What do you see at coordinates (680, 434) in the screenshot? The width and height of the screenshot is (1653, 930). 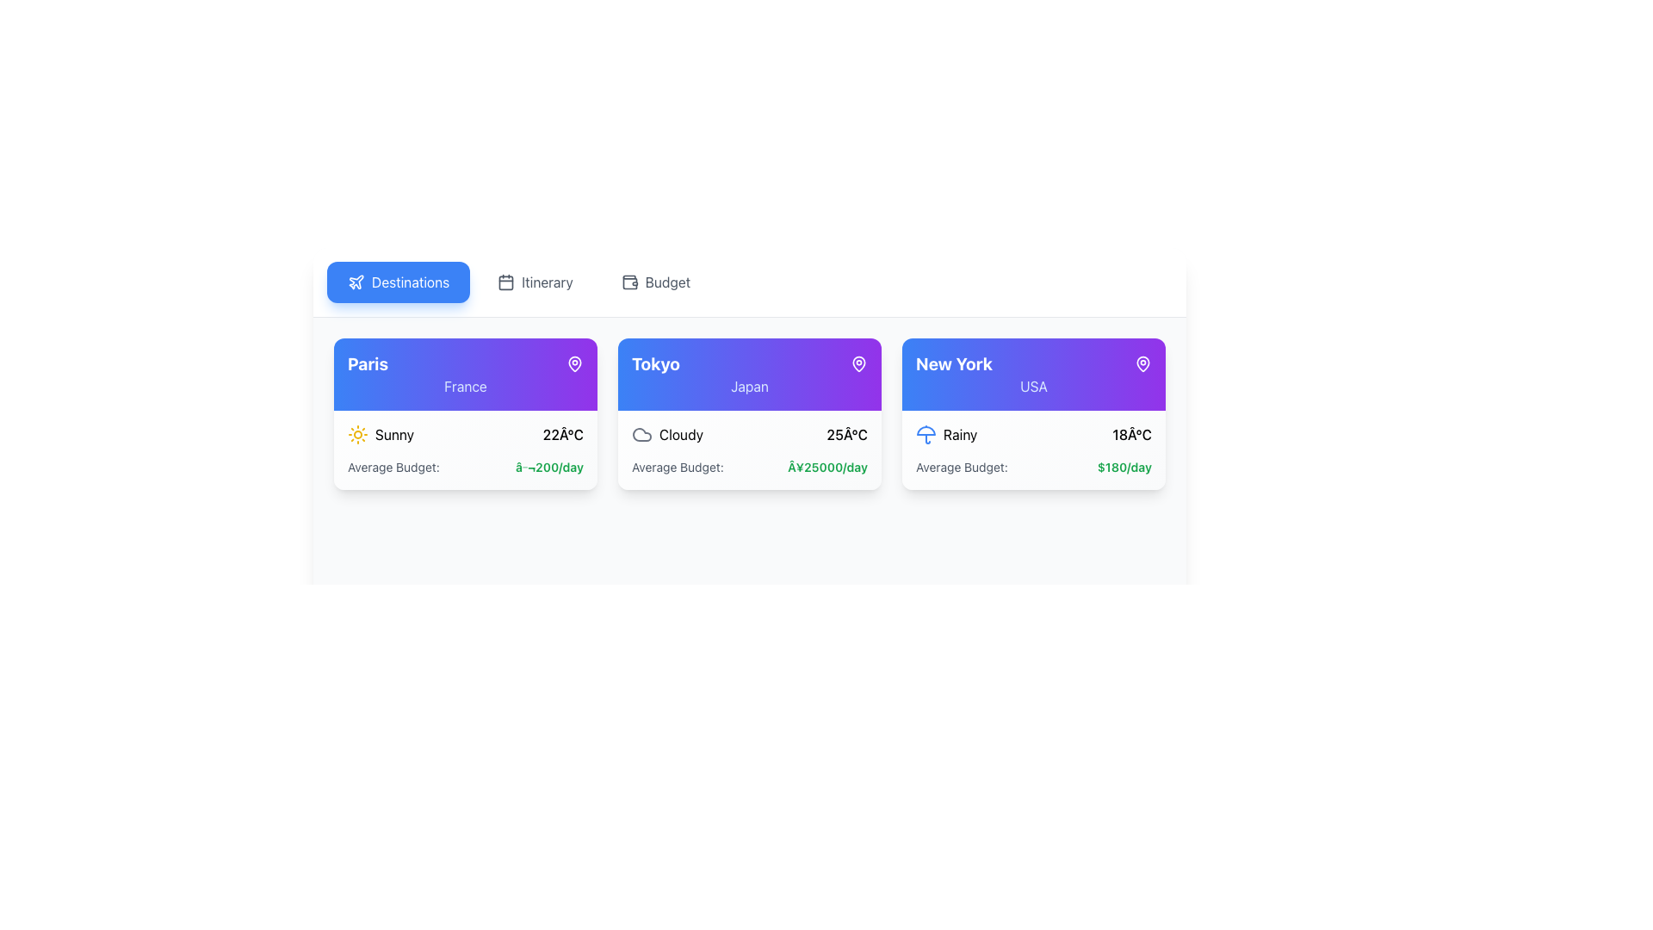 I see `the weather condition text label located in the bottom-left portion of the 'Tokyo' card, which follows a cloud icon and is immediately to its right` at bounding box center [680, 434].